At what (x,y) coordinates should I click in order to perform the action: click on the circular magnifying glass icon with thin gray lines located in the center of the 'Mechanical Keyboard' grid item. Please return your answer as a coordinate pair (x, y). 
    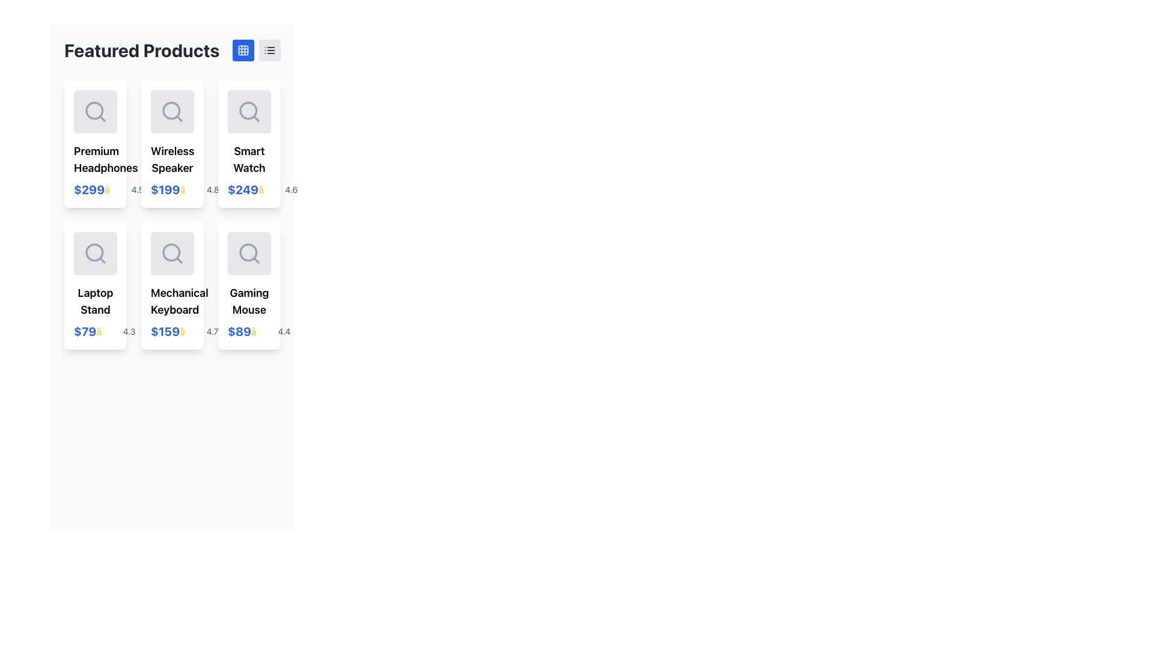
    Looking at the image, I should click on (172, 252).